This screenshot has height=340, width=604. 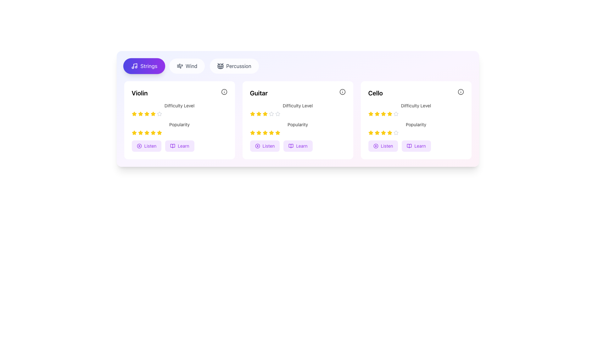 I want to click on the title text of the first card in the 'Strings' category section, so click(x=139, y=93).